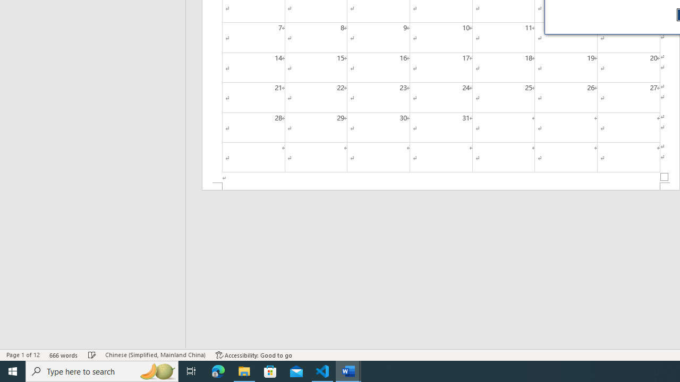  What do you see at coordinates (13, 370) in the screenshot?
I see `'Start'` at bounding box center [13, 370].